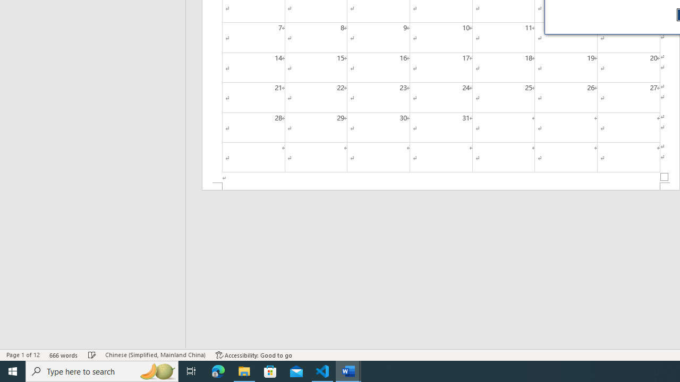  What do you see at coordinates (13, 370) in the screenshot?
I see `'Start'` at bounding box center [13, 370].